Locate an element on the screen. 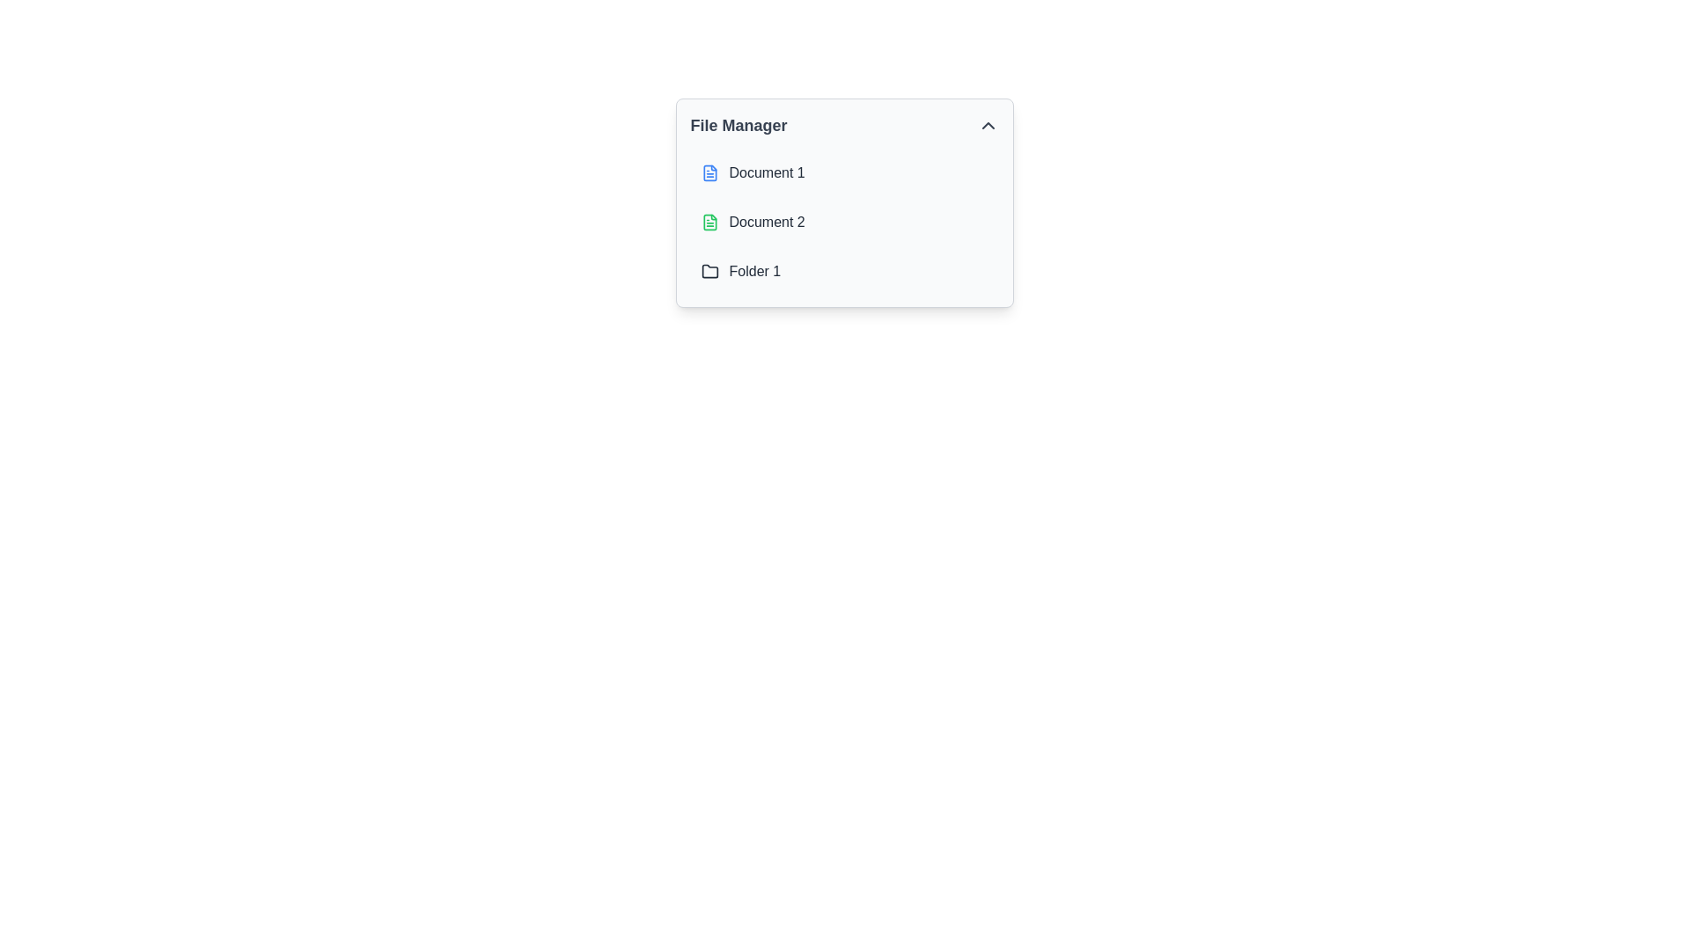 The width and height of the screenshot is (1690, 950). the text label representing 'Document 2' is located at coordinates (767, 222).